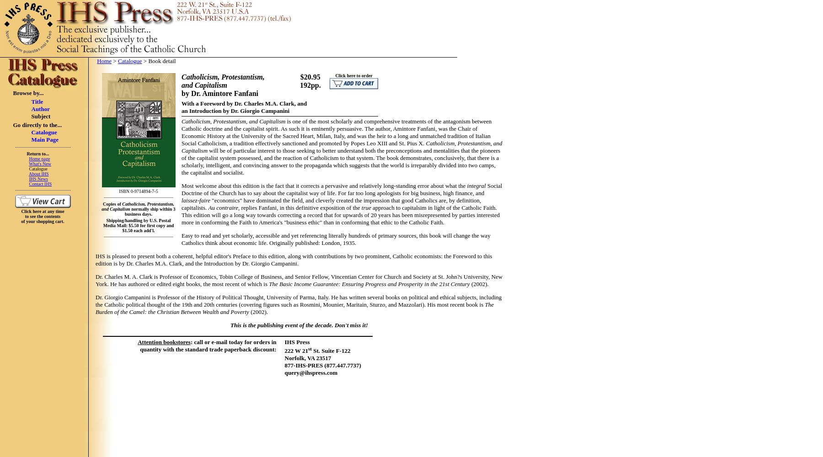 Image resolution: width=823 pixels, height=457 pixels. Describe the element at coordinates (299, 324) in the screenshot. I see `'This is the publishing event of the decade. Don't miss it!'` at that location.